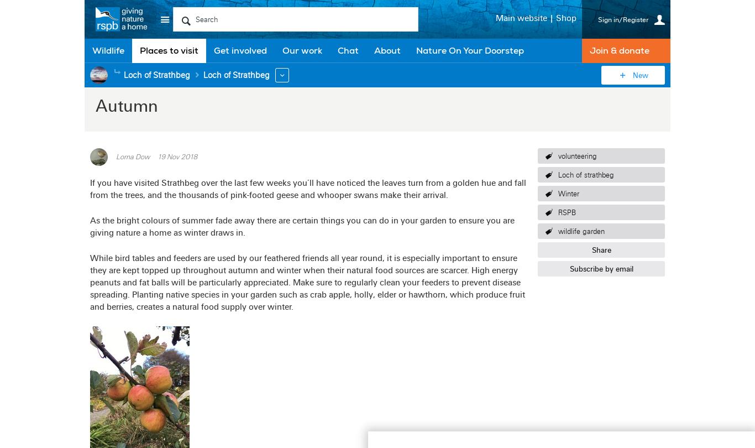 The height and width of the screenshot is (448, 755). What do you see at coordinates (469, 50) in the screenshot?
I see `'Nature On Your Doorstep'` at bounding box center [469, 50].